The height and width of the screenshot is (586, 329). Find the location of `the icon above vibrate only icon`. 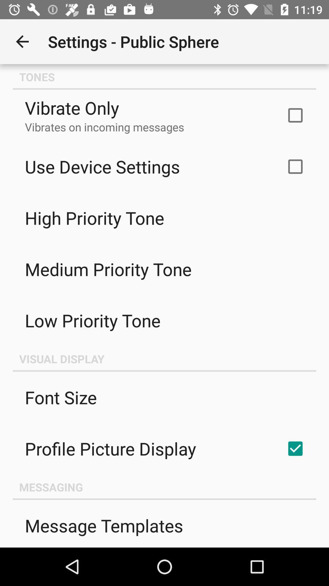

the icon above vibrate only icon is located at coordinates (164, 77).